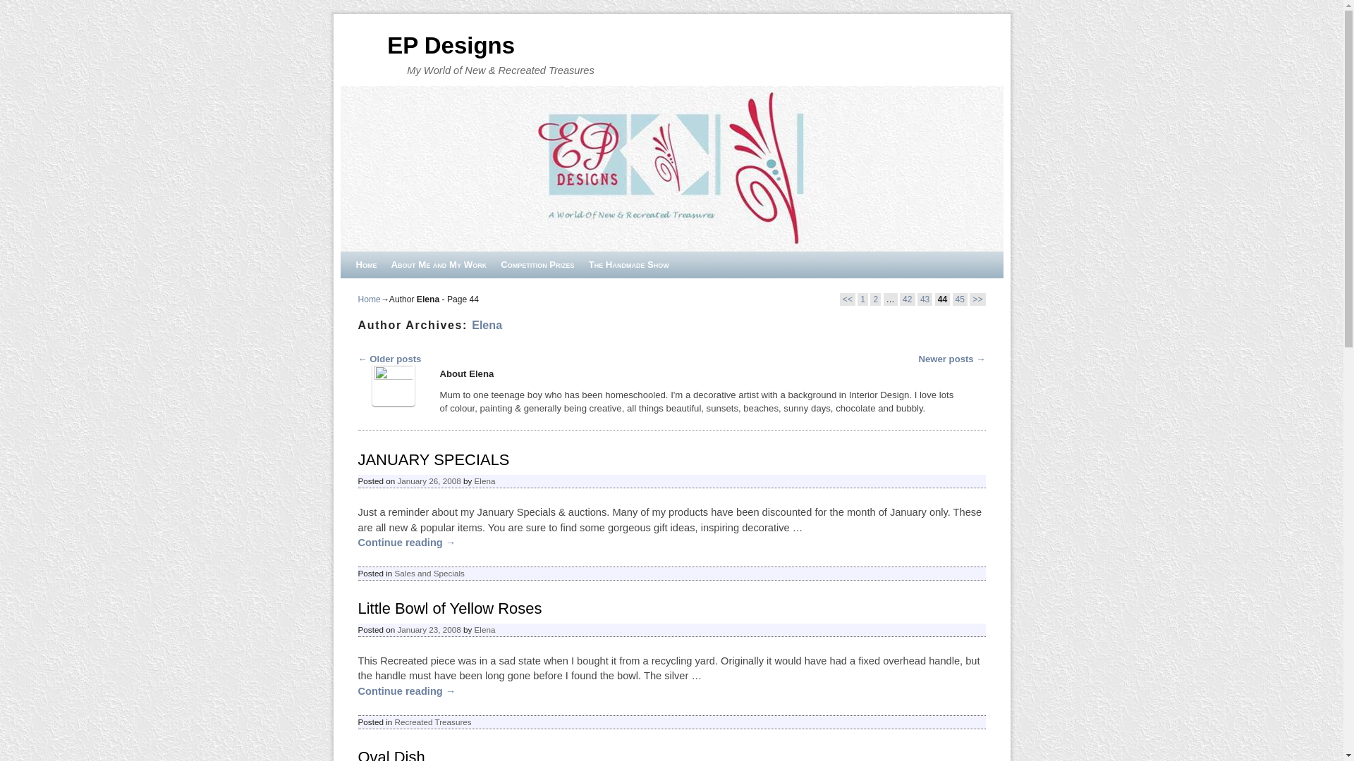 The image size is (1354, 761). I want to click on 'January 26, 2008', so click(428, 480).